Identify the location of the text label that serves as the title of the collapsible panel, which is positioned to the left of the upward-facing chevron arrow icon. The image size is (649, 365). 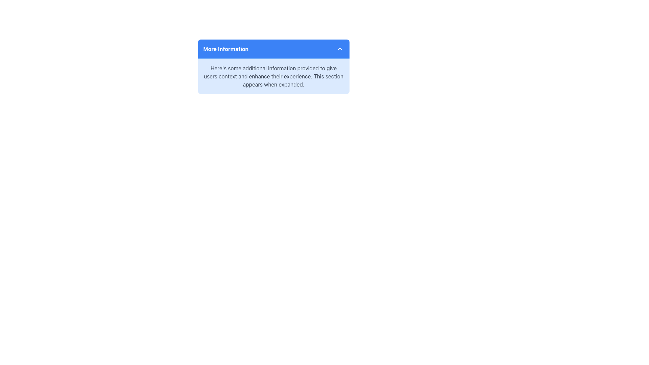
(226, 49).